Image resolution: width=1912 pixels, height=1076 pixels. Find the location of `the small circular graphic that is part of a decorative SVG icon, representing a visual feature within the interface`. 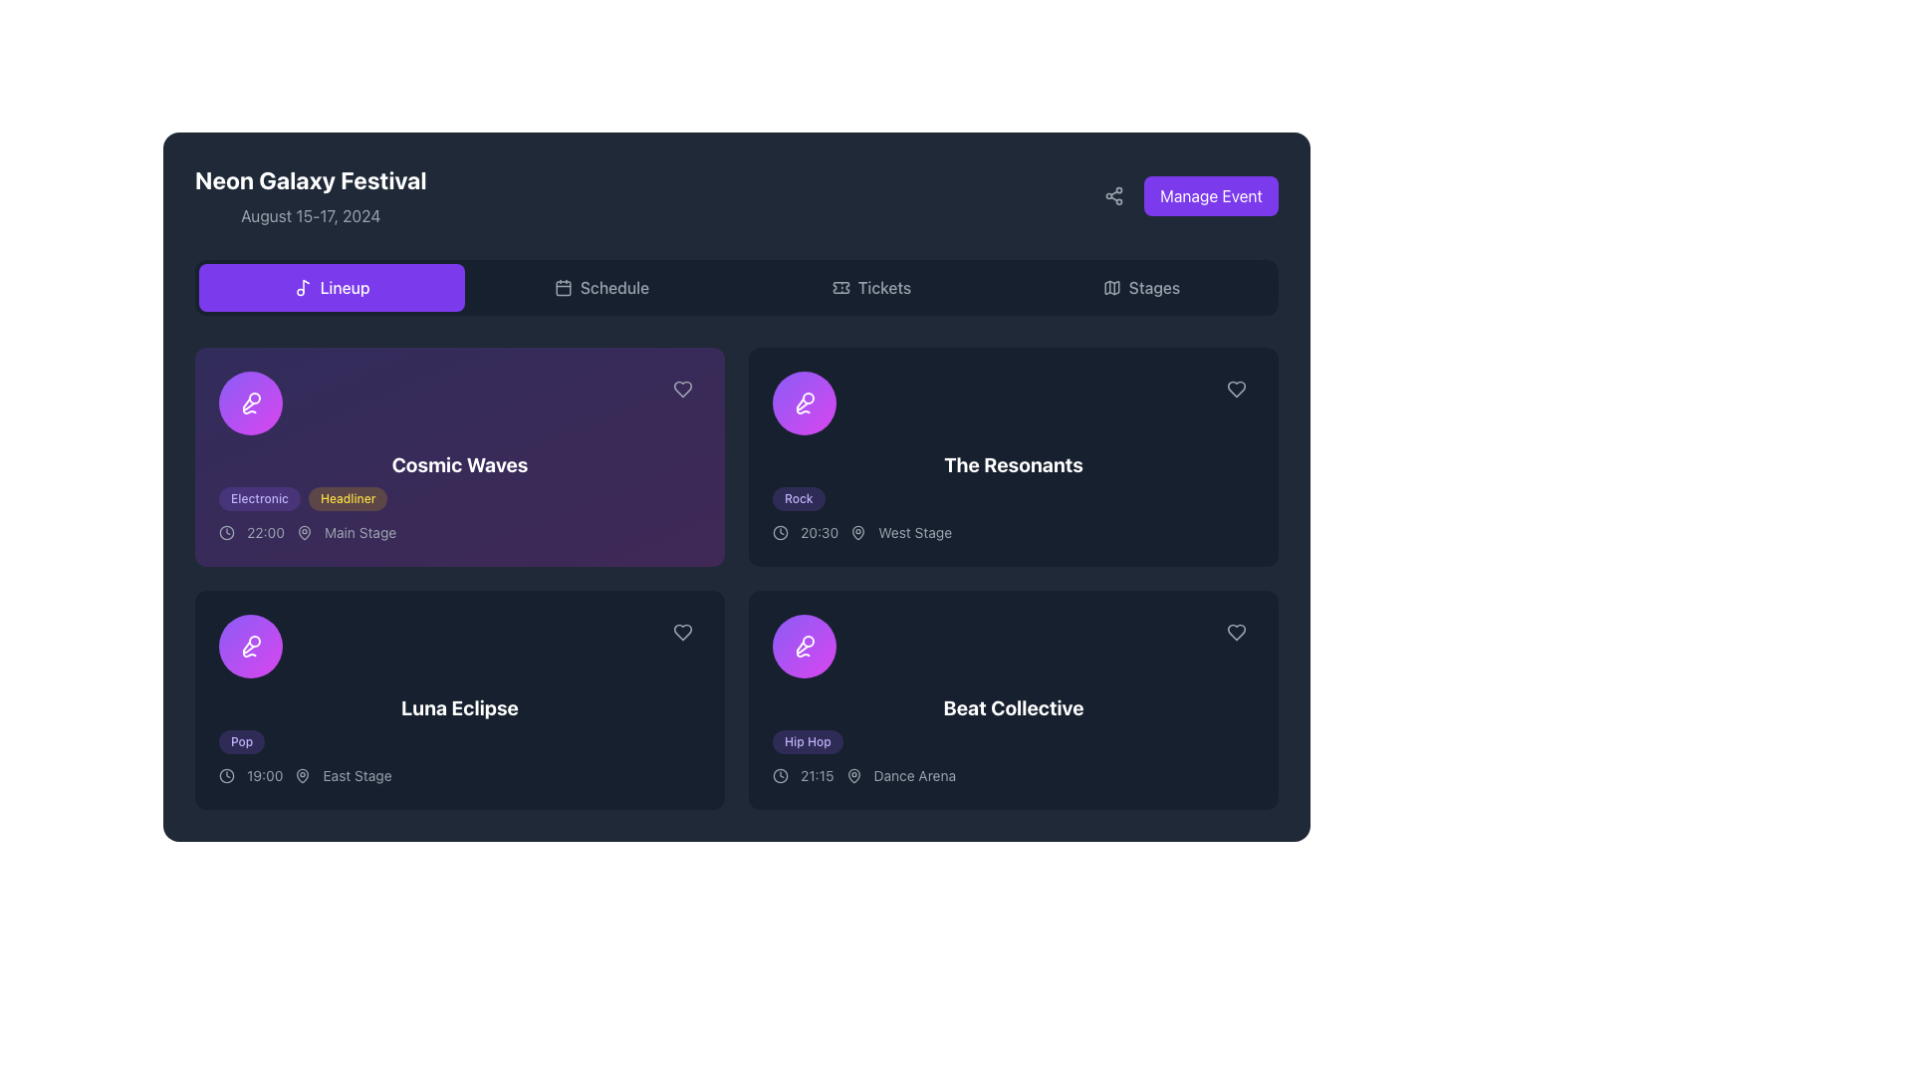

the small circular graphic that is part of a decorative SVG icon, representing a visual feature within the interface is located at coordinates (253, 642).